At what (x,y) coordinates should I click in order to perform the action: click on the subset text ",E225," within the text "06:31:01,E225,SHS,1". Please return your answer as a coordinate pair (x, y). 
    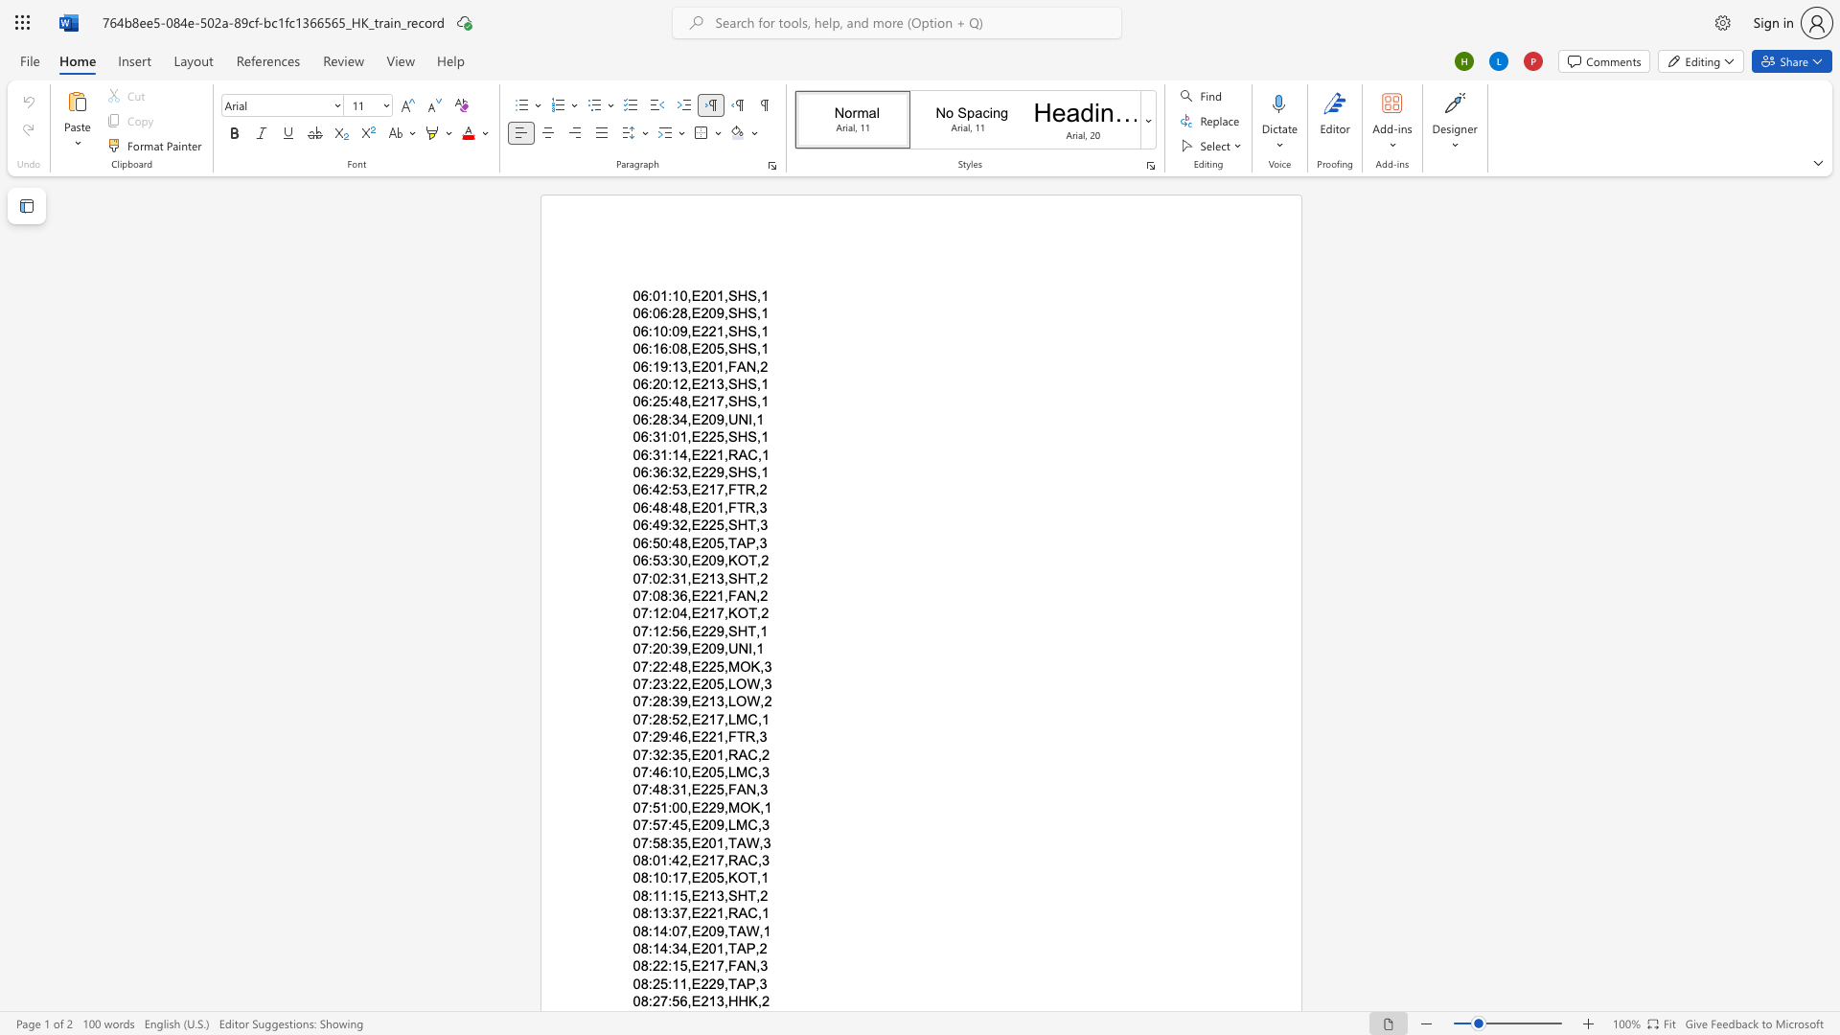
    Looking at the image, I should click on (687, 437).